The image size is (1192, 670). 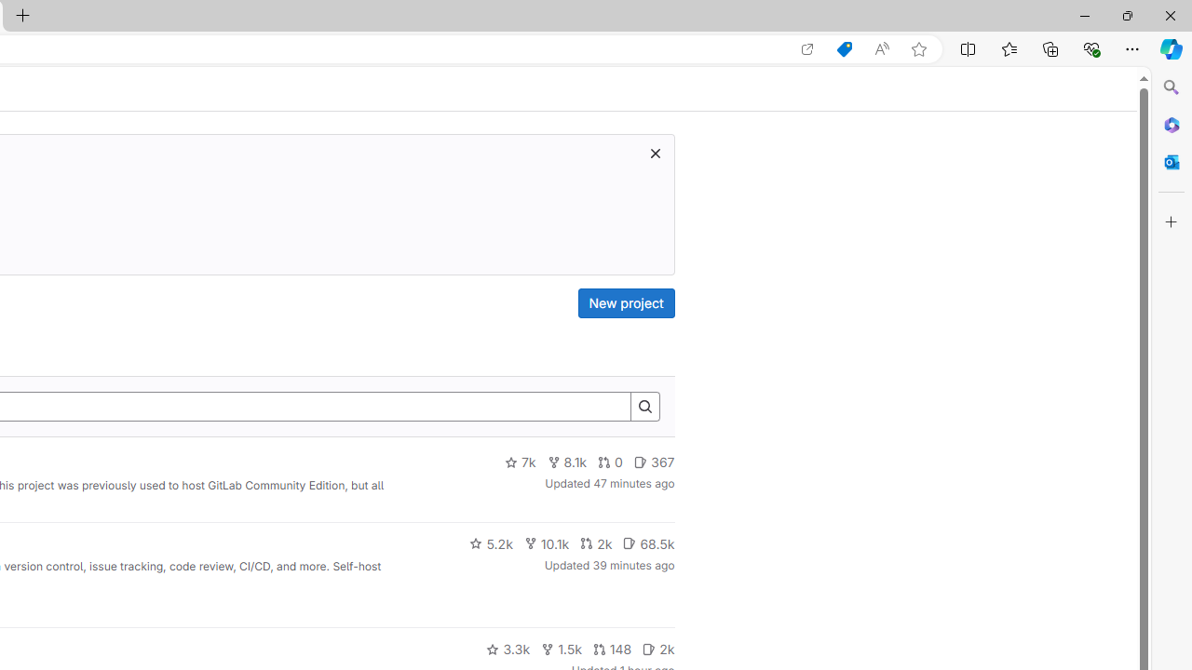 What do you see at coordinates (1171, 161) in the screenshot?
I see `'Close Outlook pane'` at bounding box center [1171, 161].